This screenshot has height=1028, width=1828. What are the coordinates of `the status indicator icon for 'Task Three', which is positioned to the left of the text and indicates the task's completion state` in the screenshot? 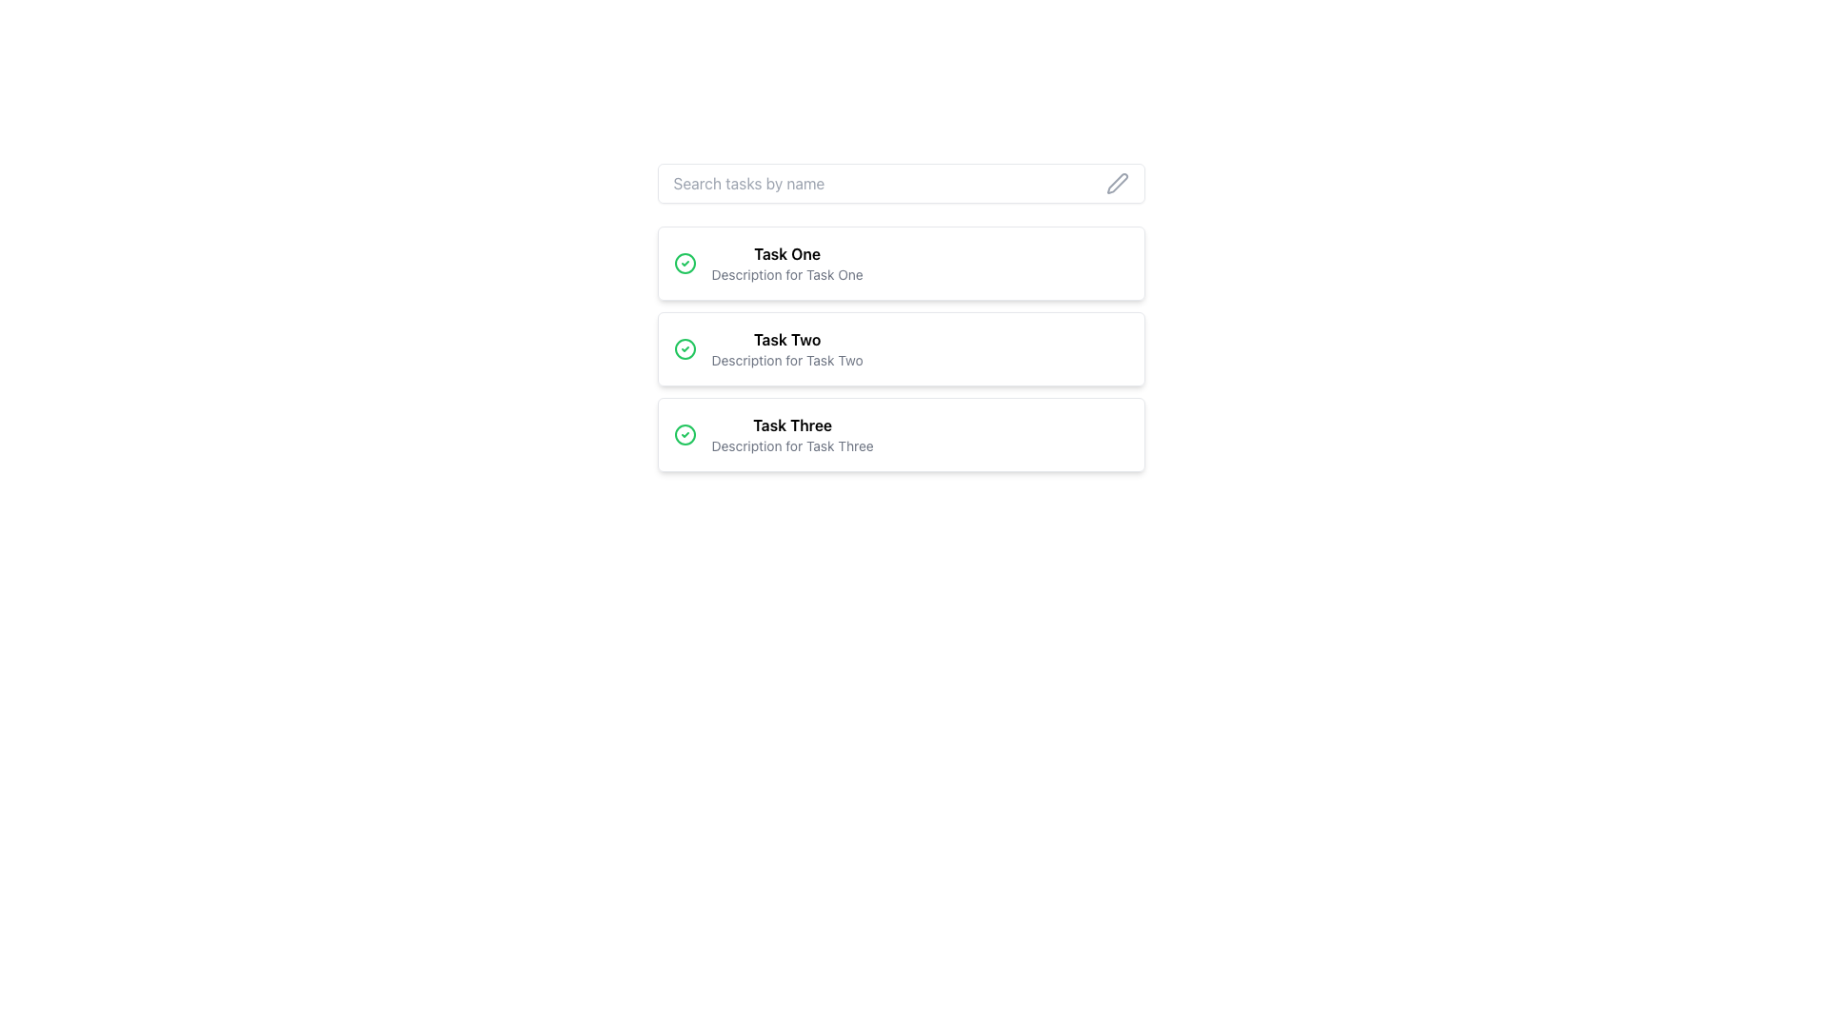 It's located at (685, 434).